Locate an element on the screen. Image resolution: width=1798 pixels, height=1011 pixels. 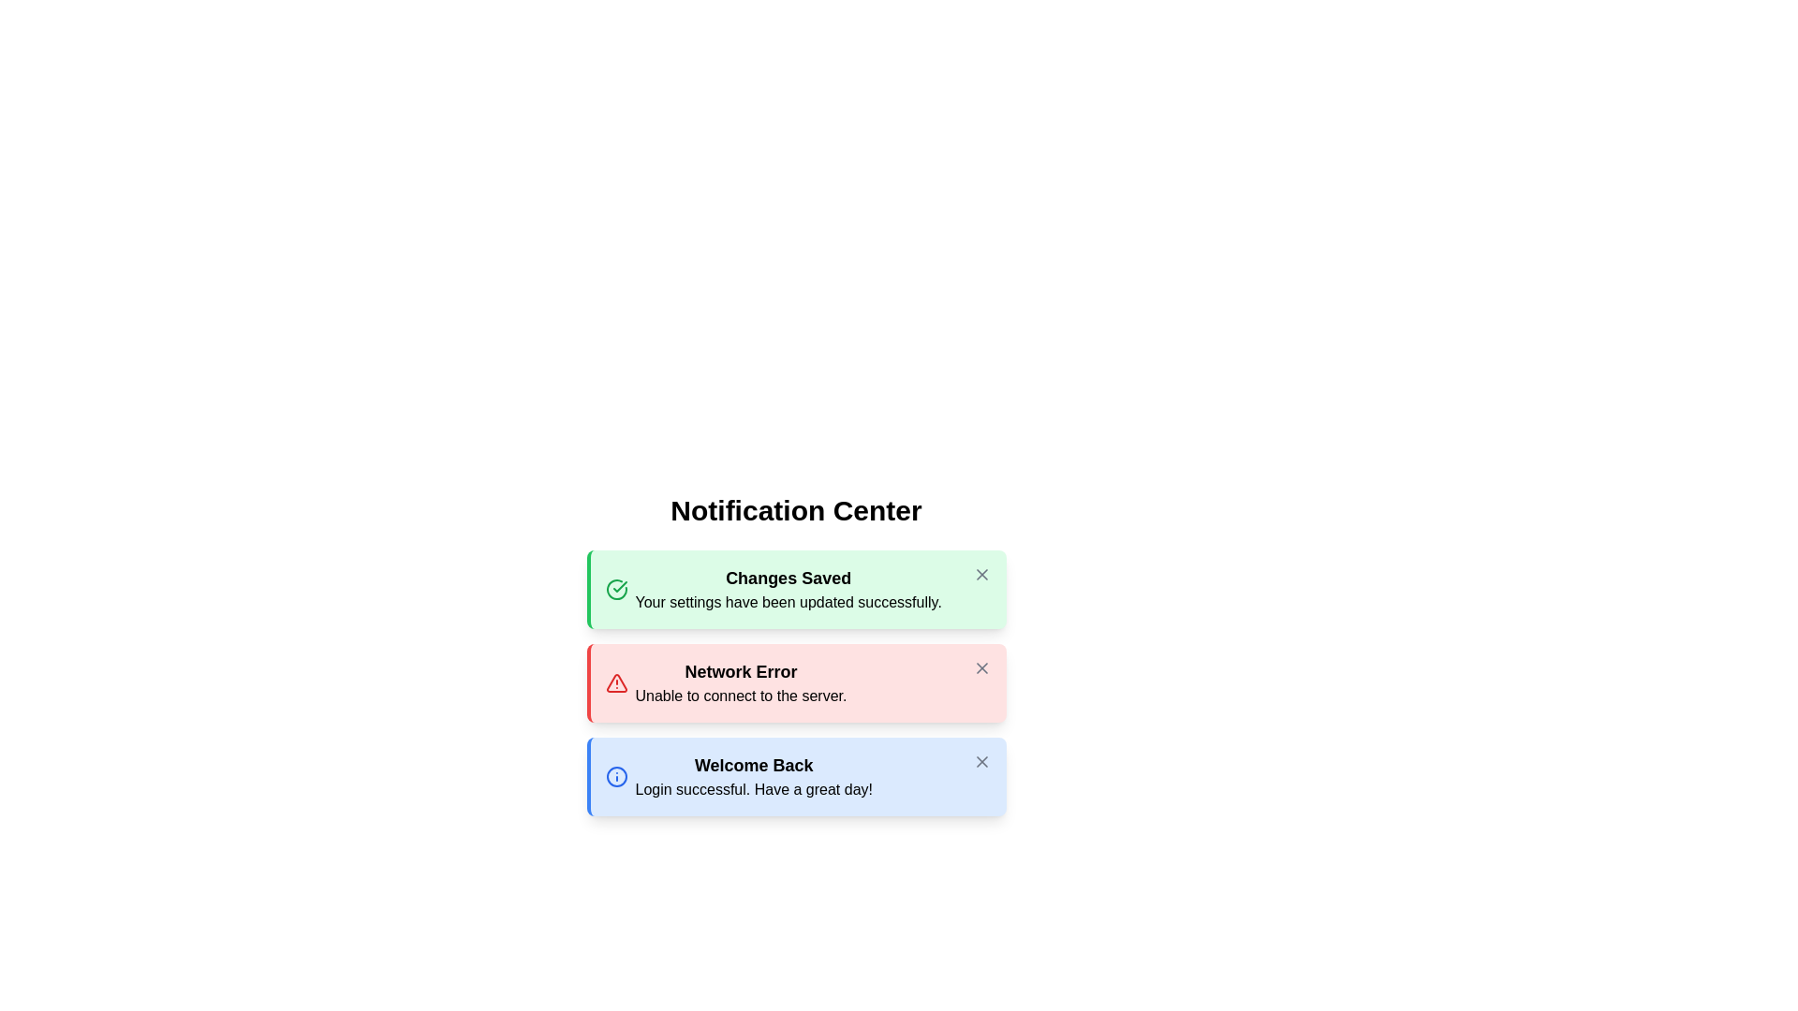
notification message in the text block located in the center of the notification panel, which indicates that the settings have been successfully updated is located at coordinates (788, 588).